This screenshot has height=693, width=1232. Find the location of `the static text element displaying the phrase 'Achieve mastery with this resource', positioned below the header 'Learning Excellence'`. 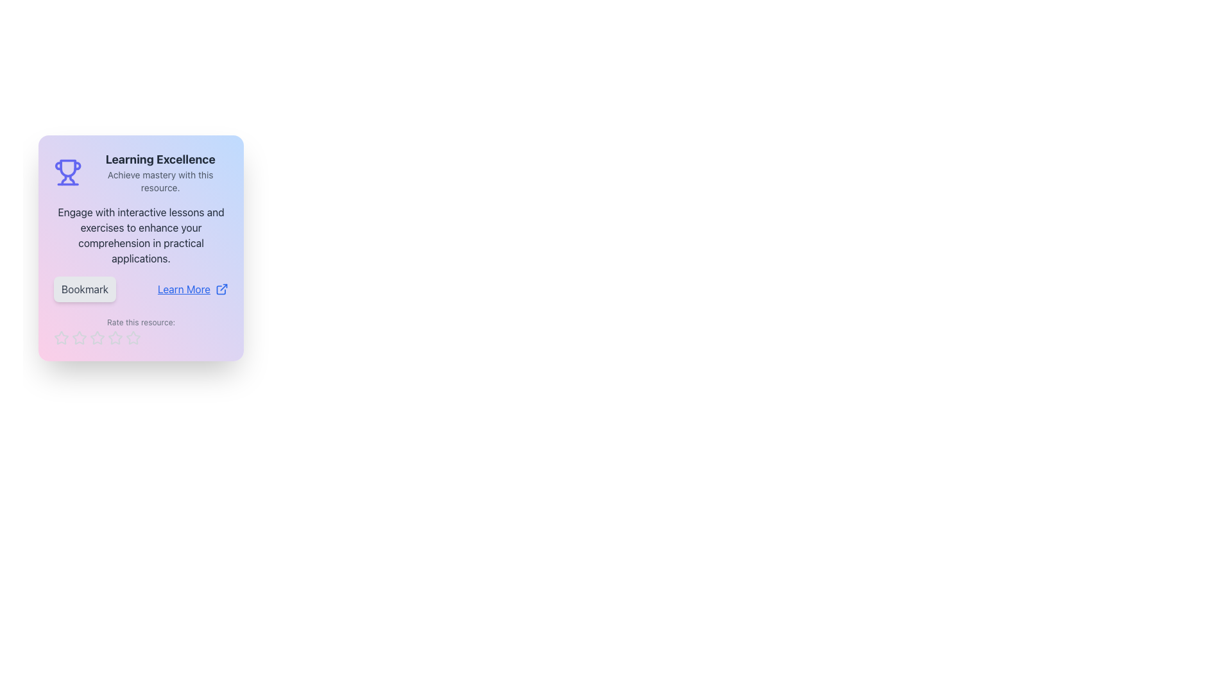

the static text element displaying the phrase 'Achieve mastery with this resource', positioned below the header 'Learning Excellence' is located at coordinates (160, 181).